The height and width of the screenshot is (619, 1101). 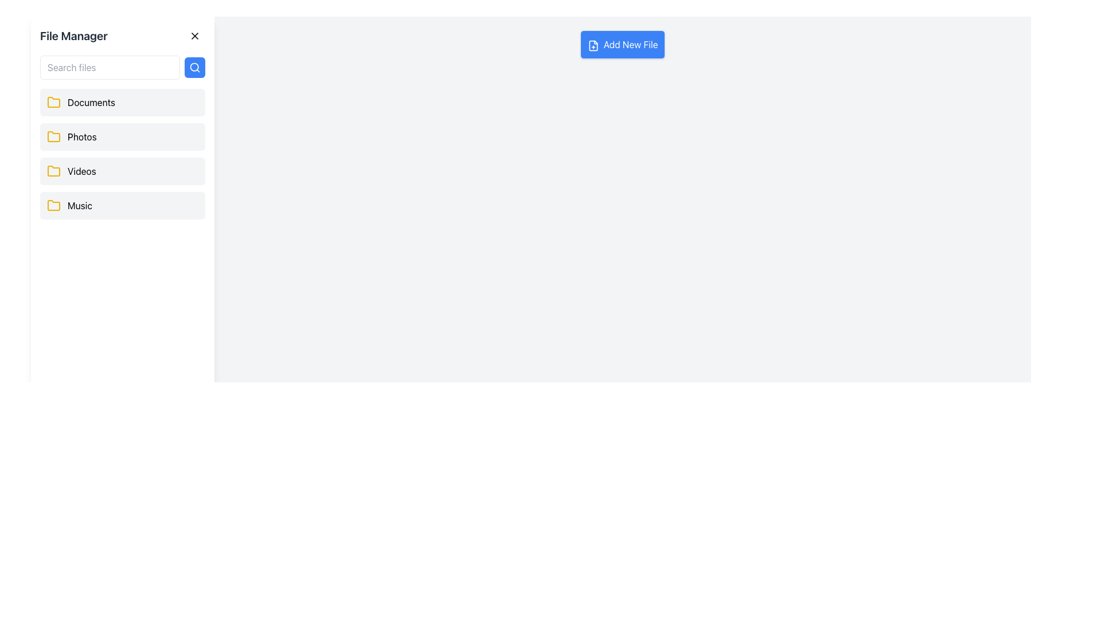 What do you see at coordinates (195, 35) in the screenshot?
I see `the close button located at the top-right corner of the 'File Manager' section` at bounding box center [195, 35].